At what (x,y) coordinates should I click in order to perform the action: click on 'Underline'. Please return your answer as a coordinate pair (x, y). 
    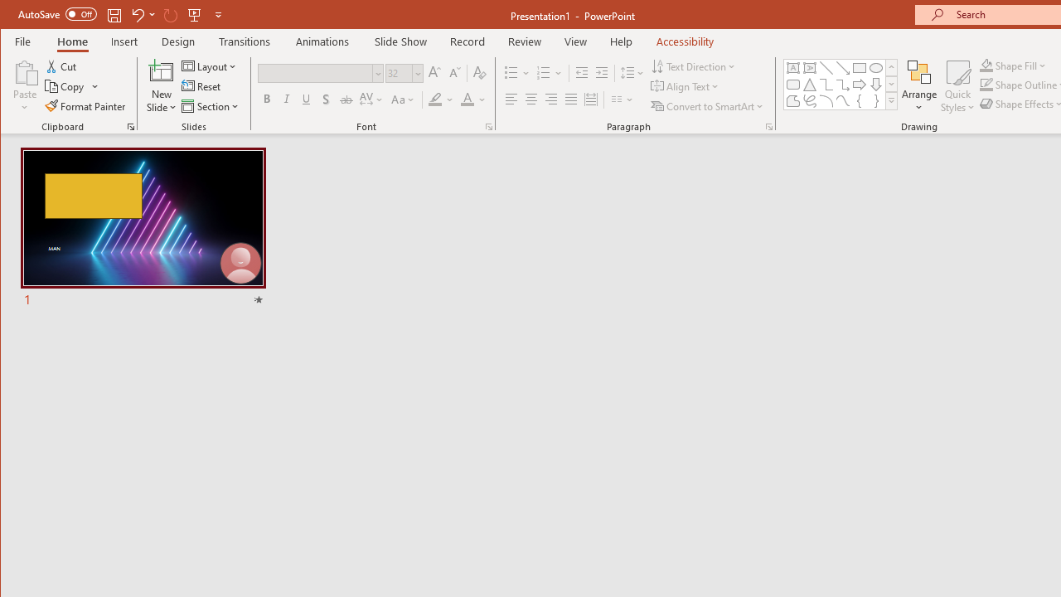
    Looking at the image, I should click on (306, 99).